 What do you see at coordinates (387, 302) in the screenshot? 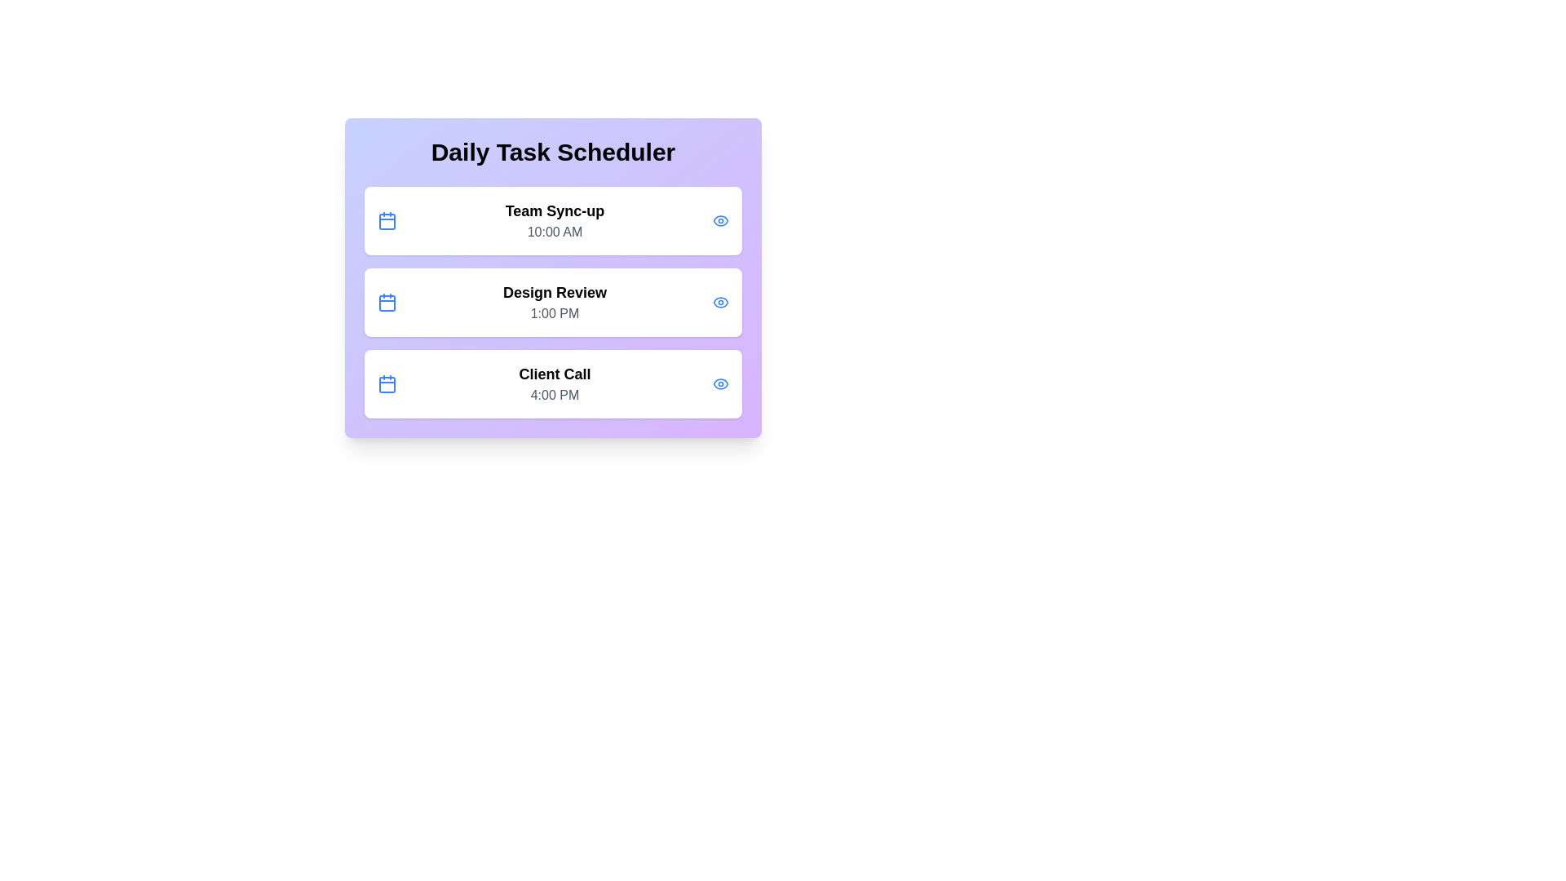
I see `the calendar icon for the task Design Review` at bounding box center [387, 302].